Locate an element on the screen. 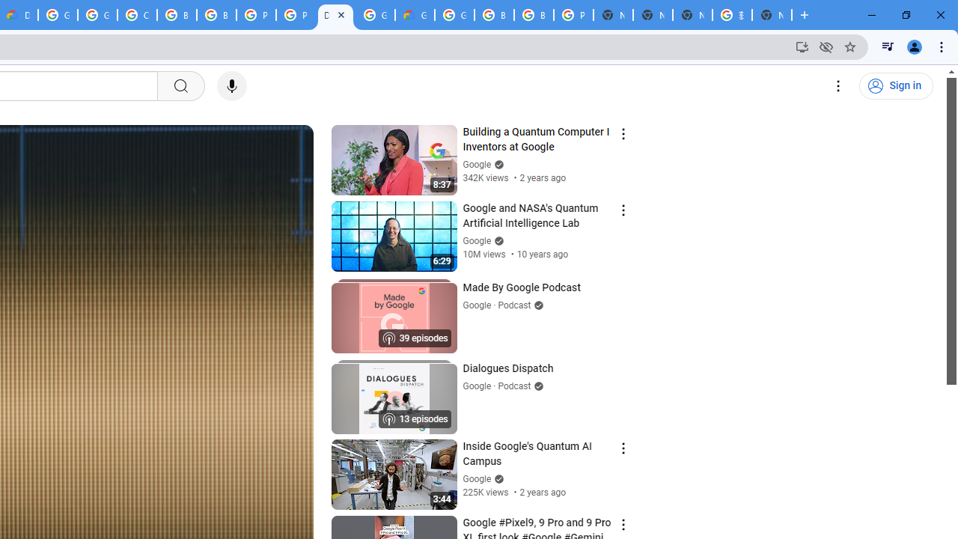 This screenshot has width=958, height=539. 'Action menu' is located at coordinates (623, 523).